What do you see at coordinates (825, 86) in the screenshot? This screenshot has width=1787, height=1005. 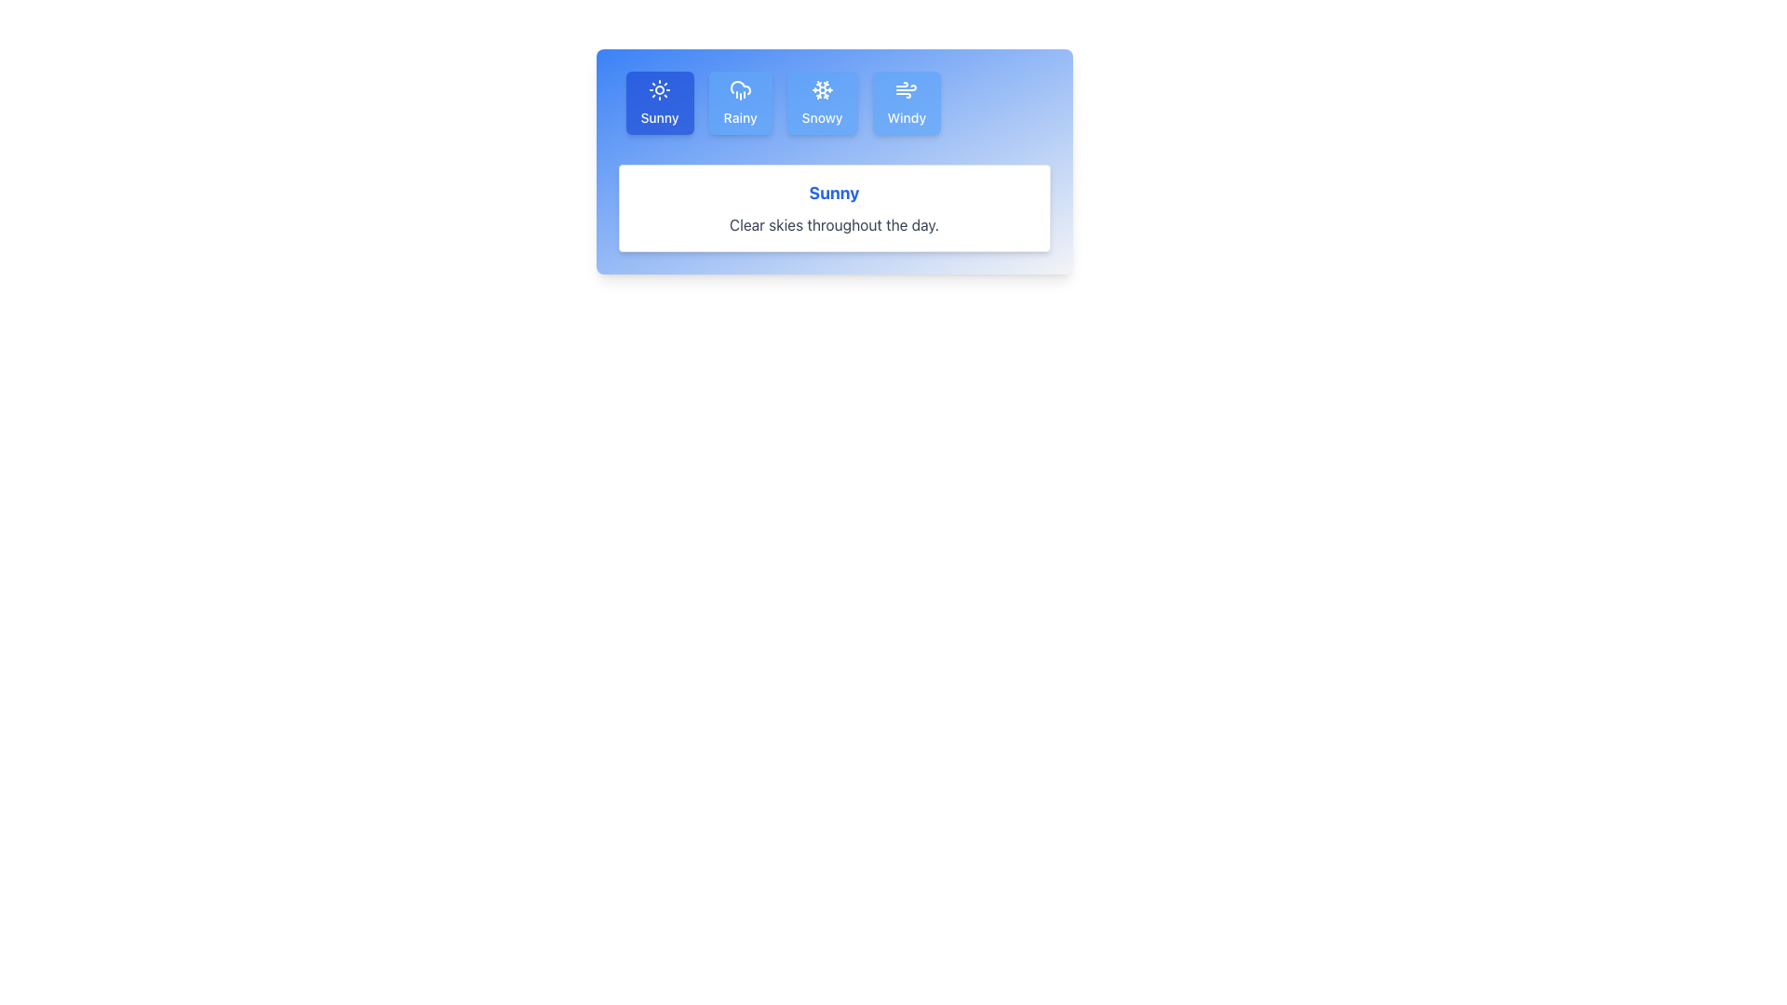 I see `the visual representation of the snowflake component within the 'Snowy' button in the weather interface by clicking on its graphical representation located at the top-right quadrant of the icon` at bounding box center [825, 86].